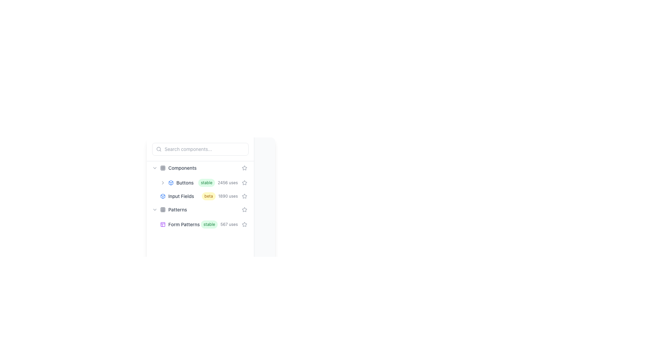 The width and height of the screenshot is (645, 363). I want to click on the text label displaying '567 uses' that is styled in small gray font under the 'Form Patterns' section for information display, so click(229, 224).